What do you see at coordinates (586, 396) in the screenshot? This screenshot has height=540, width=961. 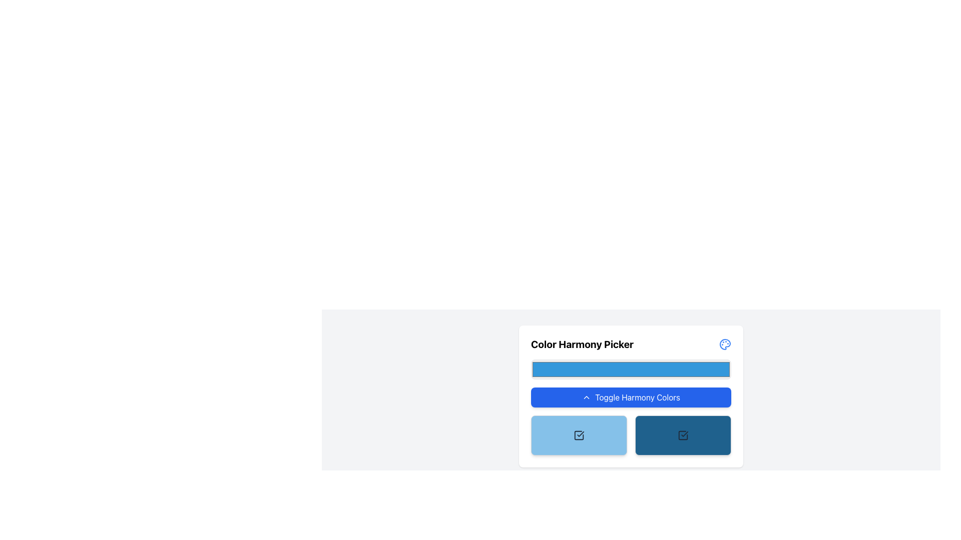 I see `the chevron icon within the blue button labeled 'Toggle Harmony Colors', which indicates that the button can toggle its state and suggests an expansion or dropdown action` at bounding box center [586, 396].